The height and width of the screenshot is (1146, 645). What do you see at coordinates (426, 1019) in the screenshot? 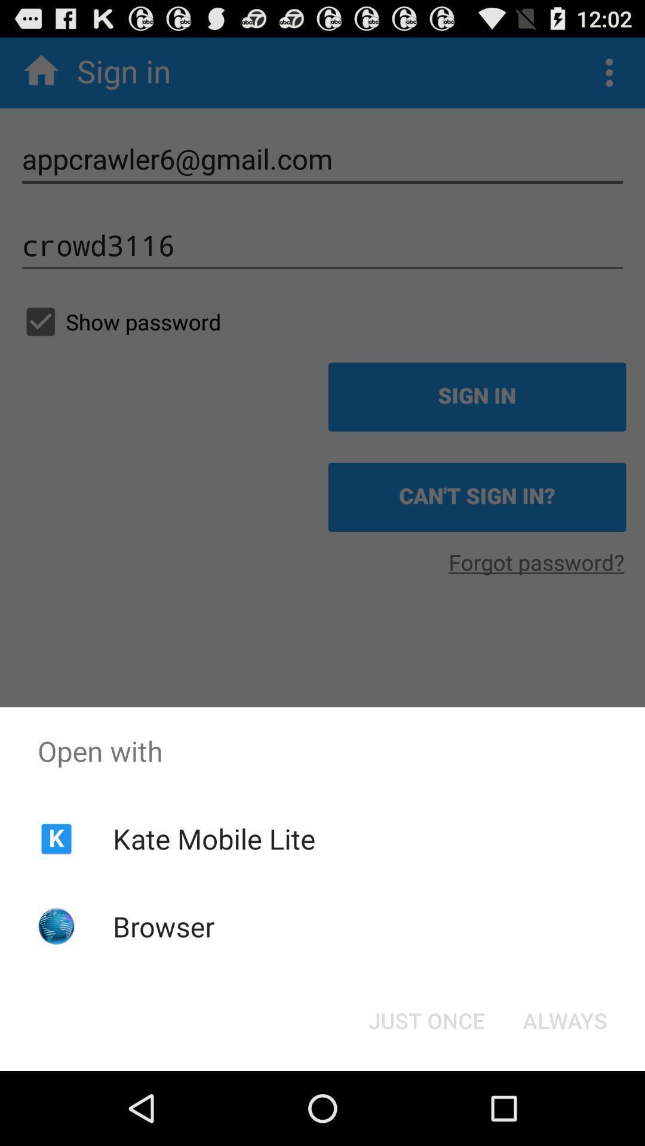
I see `the icon next to always button` at bounding box center [426, 1019].